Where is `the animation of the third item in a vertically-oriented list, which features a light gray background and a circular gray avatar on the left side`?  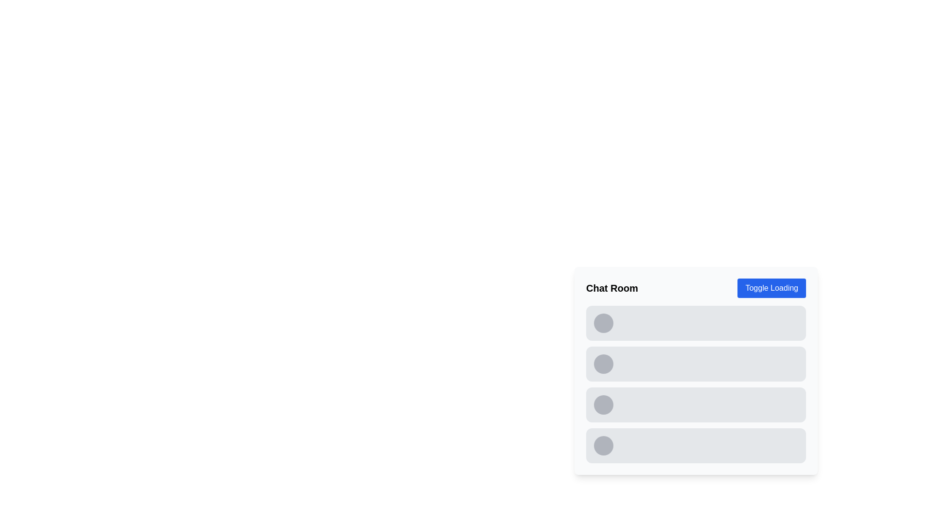
the animation of the third item in a vertically-oriented list, which features a light gray background and a circular gray avatar on the left side is located at coordinates (695, 405).